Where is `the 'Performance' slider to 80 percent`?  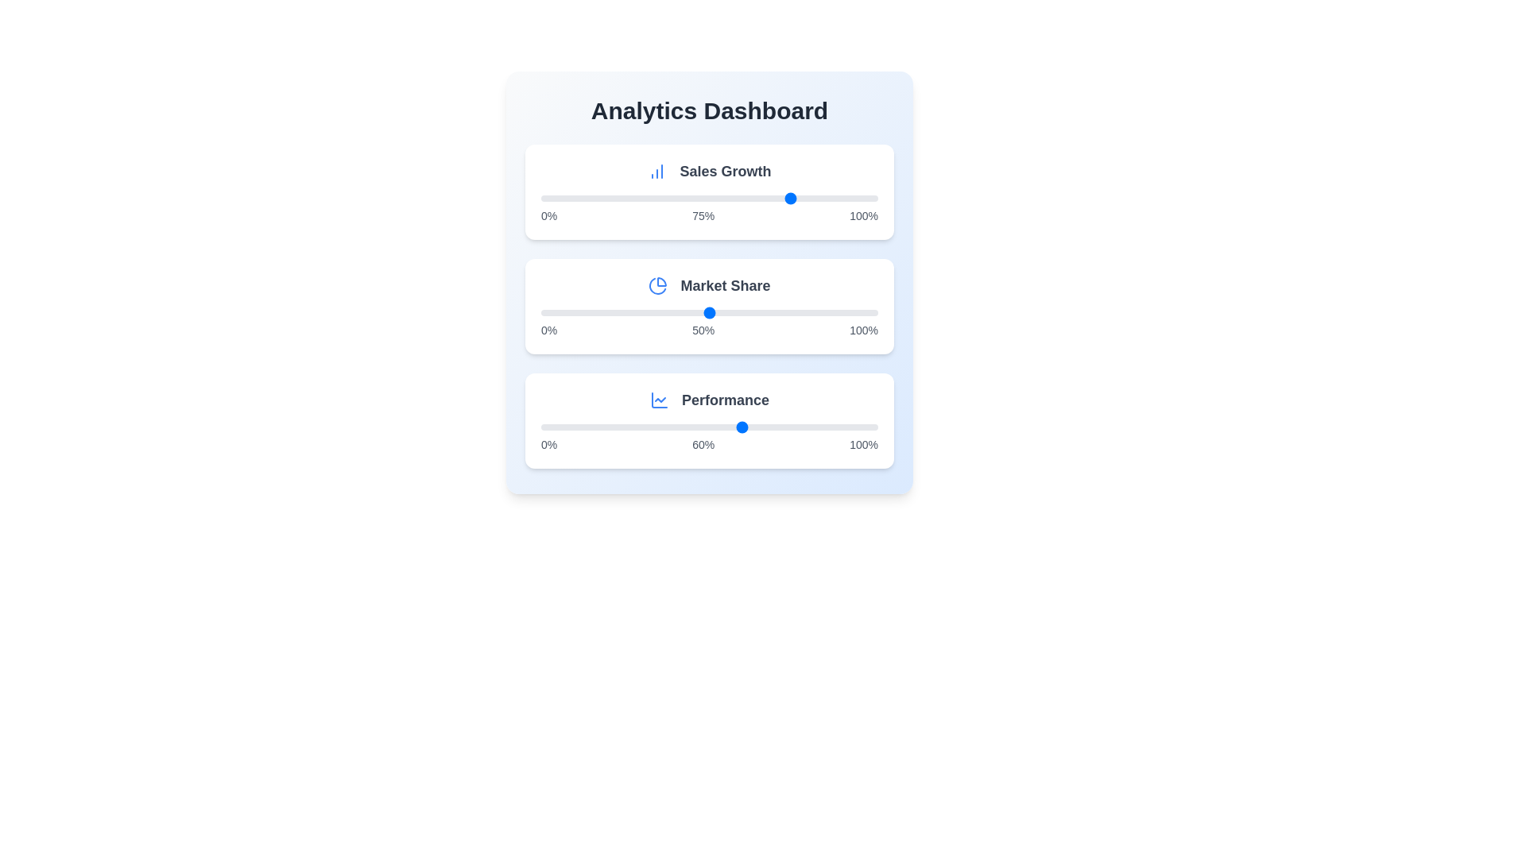
the 'Performance' slider to 80 percent is located at coordinates (811, 426).